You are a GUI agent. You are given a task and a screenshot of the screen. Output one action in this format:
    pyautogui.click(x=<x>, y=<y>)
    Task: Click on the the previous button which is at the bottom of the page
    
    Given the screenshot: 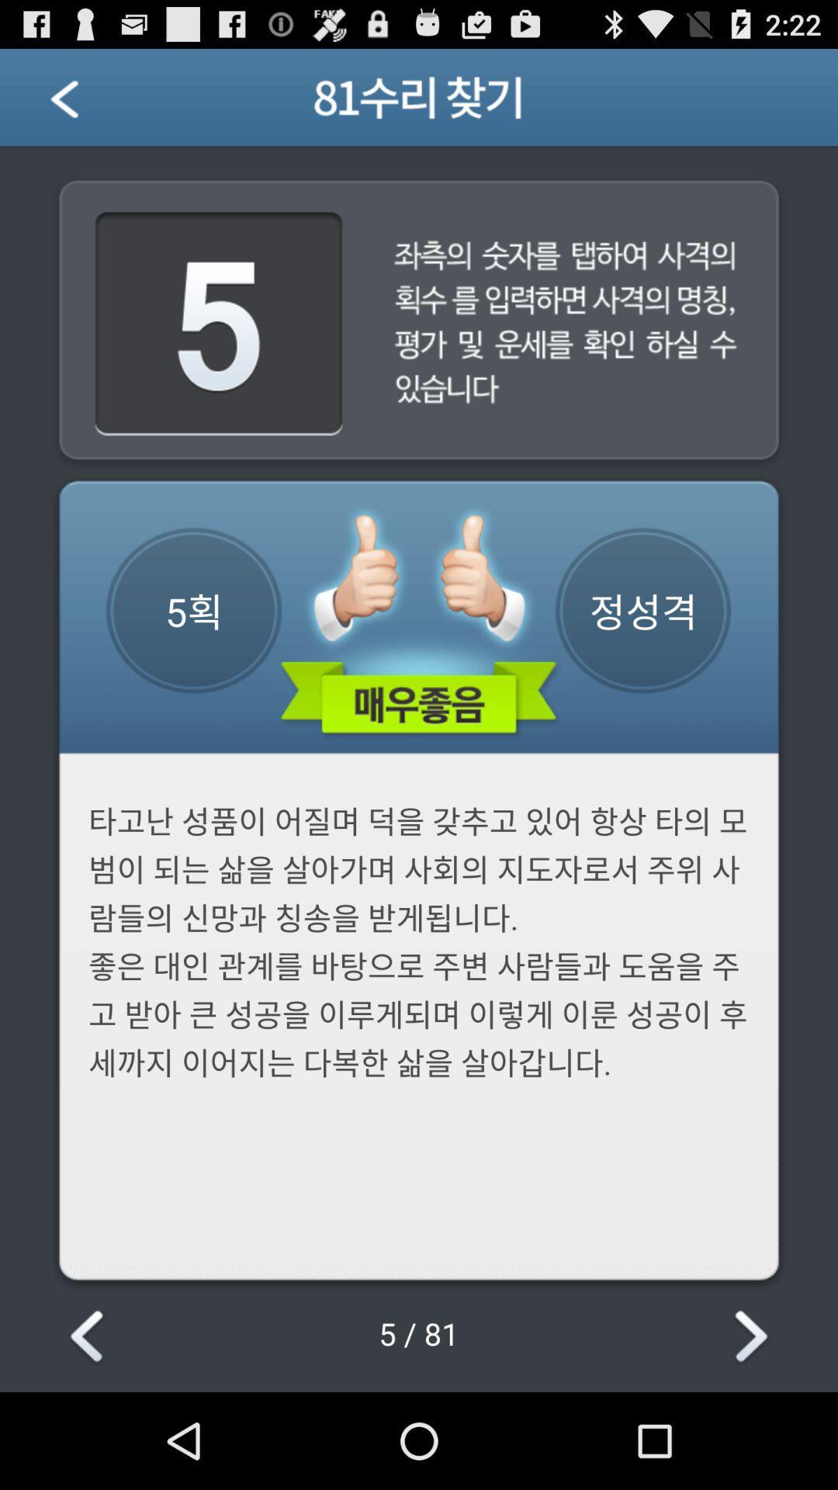 What is the action you would take?
    pyautogui.click(x=89, y=1337)
    